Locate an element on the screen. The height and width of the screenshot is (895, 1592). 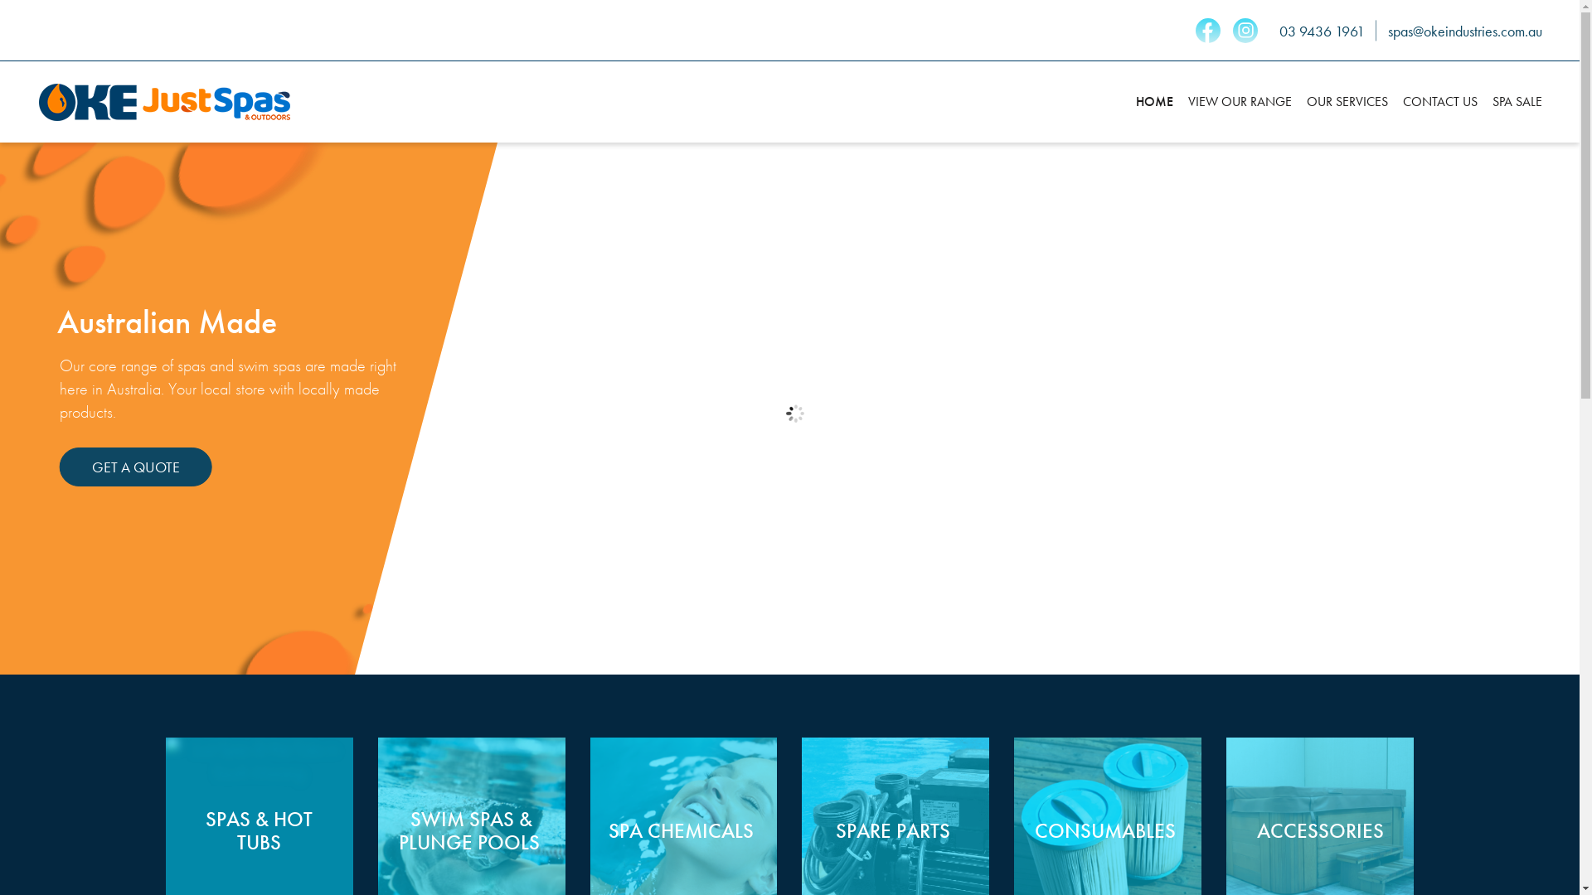
'ACCESSORIES' is located at coordinates (1319, 830).